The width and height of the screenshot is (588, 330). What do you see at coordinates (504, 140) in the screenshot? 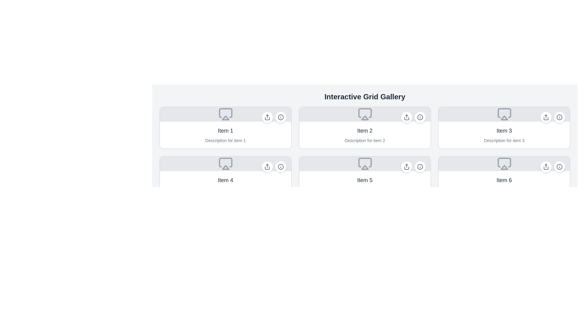
I see `the text element displaying 'Description for item 3', which is located directly underneath the title 'Item 3'` at bounding box center [504, 140].